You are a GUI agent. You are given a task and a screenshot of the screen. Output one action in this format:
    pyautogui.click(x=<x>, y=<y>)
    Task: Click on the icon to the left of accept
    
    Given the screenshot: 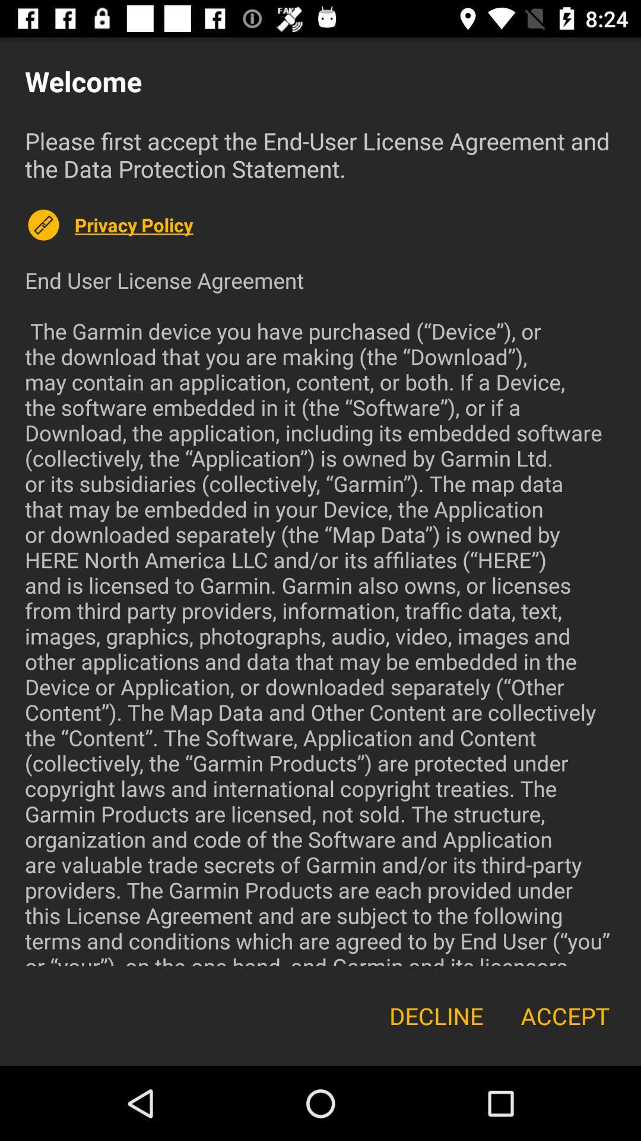 What is the action you would take?
    pyautogui.click(x=436, y=1015)
    